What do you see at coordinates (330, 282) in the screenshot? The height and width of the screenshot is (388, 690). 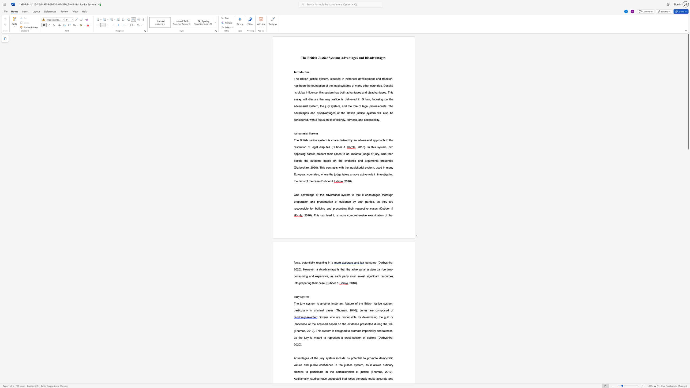 I see `the subset text "bber &" within the text "(Dubber &"` at bounding box center [330, 282].